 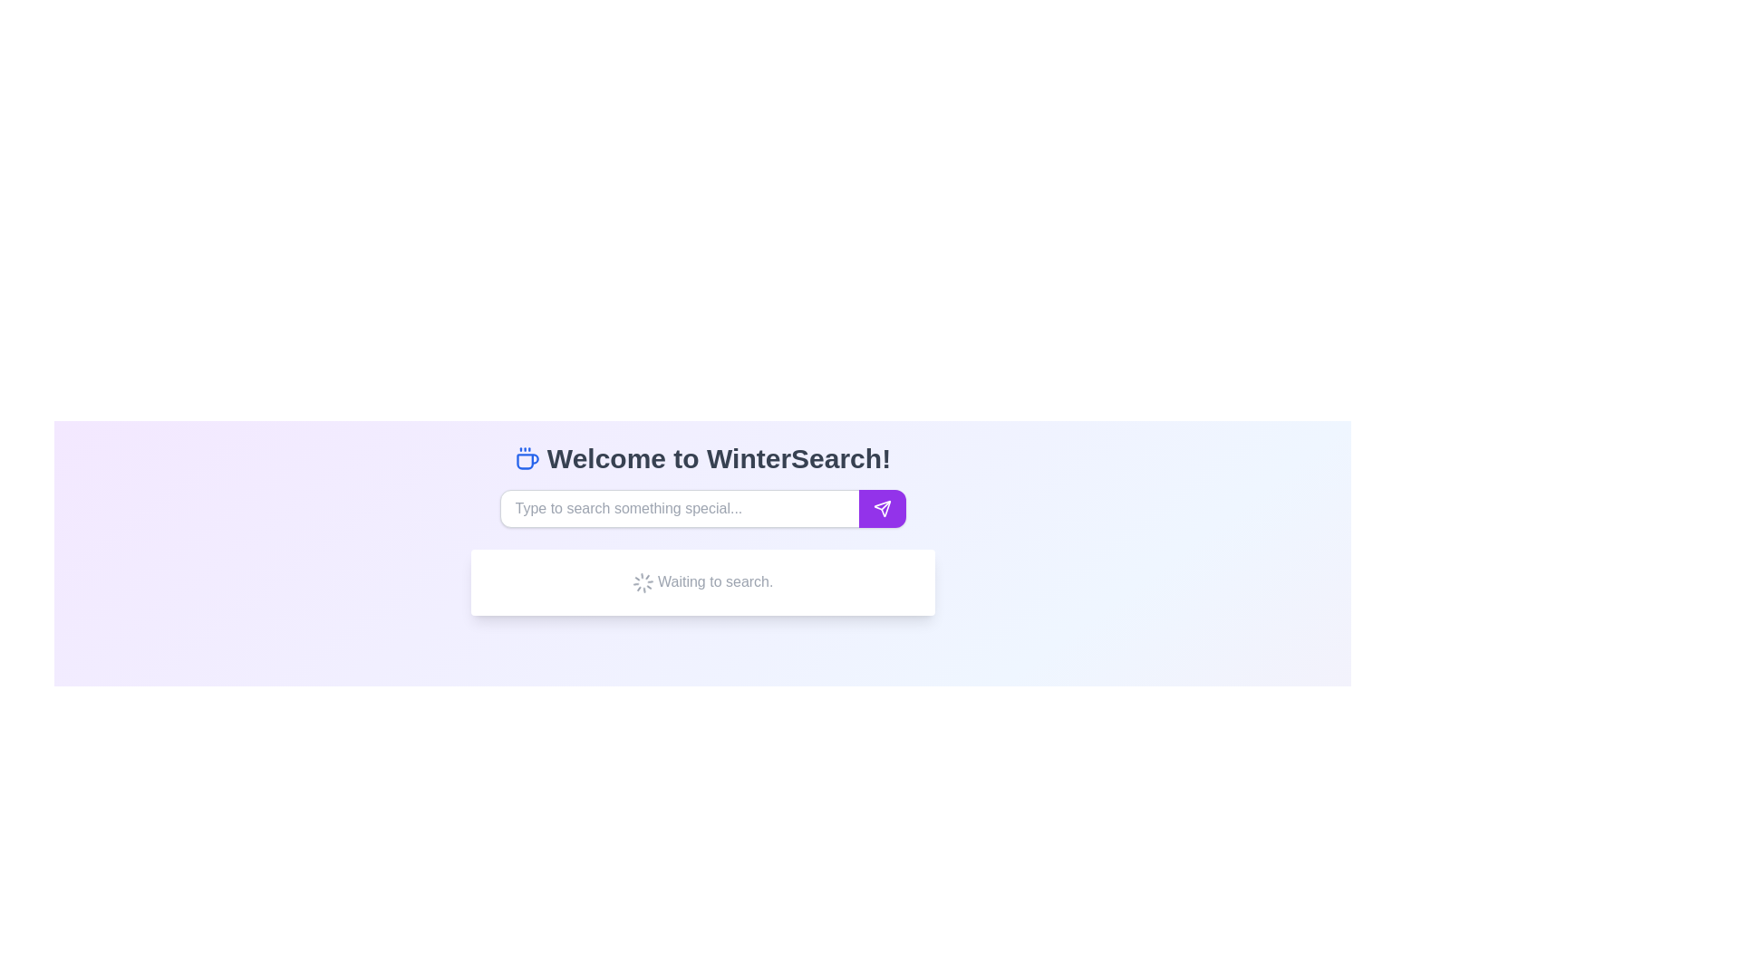 I want to click on the submit button located at the rightmost end of the input field, so click(x=882, y=509).